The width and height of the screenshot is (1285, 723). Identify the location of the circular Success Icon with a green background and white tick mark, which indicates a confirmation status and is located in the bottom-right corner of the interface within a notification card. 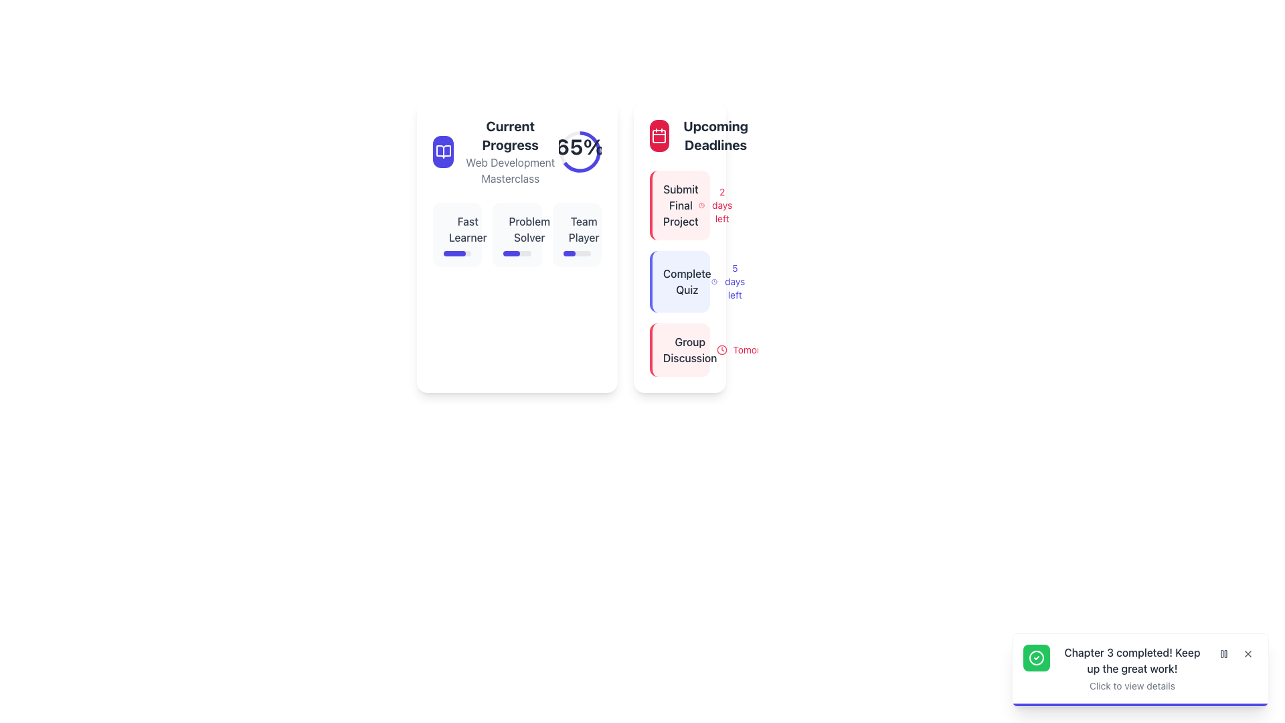
(1036, 657).